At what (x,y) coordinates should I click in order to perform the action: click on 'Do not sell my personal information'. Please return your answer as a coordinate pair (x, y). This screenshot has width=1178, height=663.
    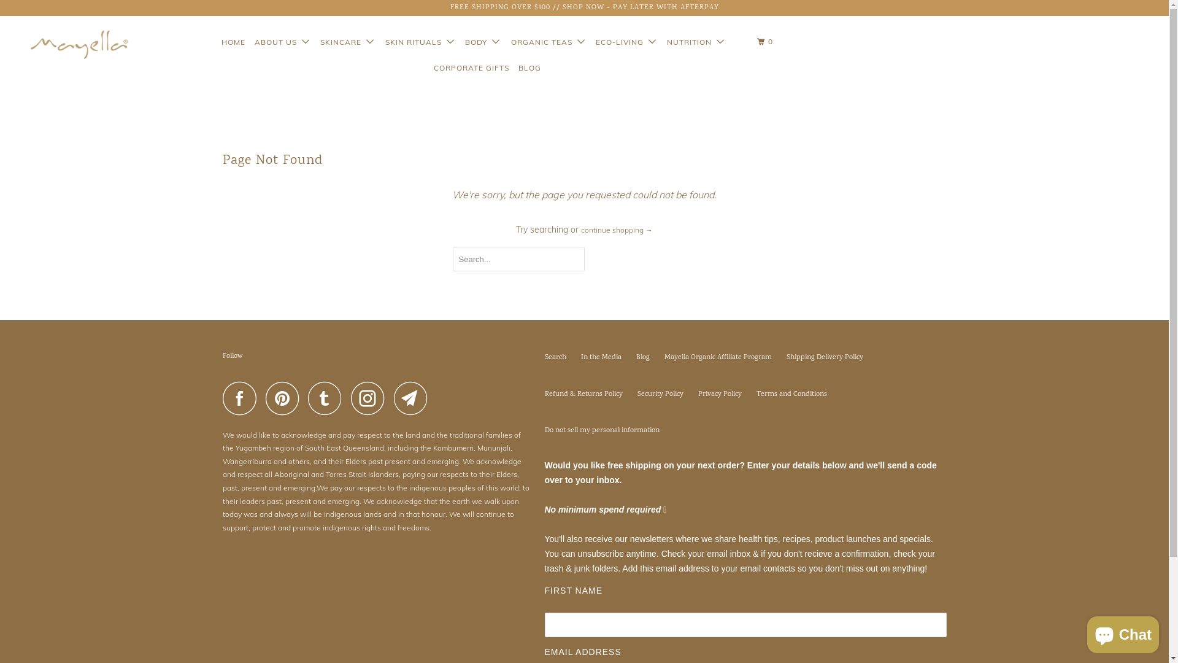
    Looking at the image, I should click on (602, 430).